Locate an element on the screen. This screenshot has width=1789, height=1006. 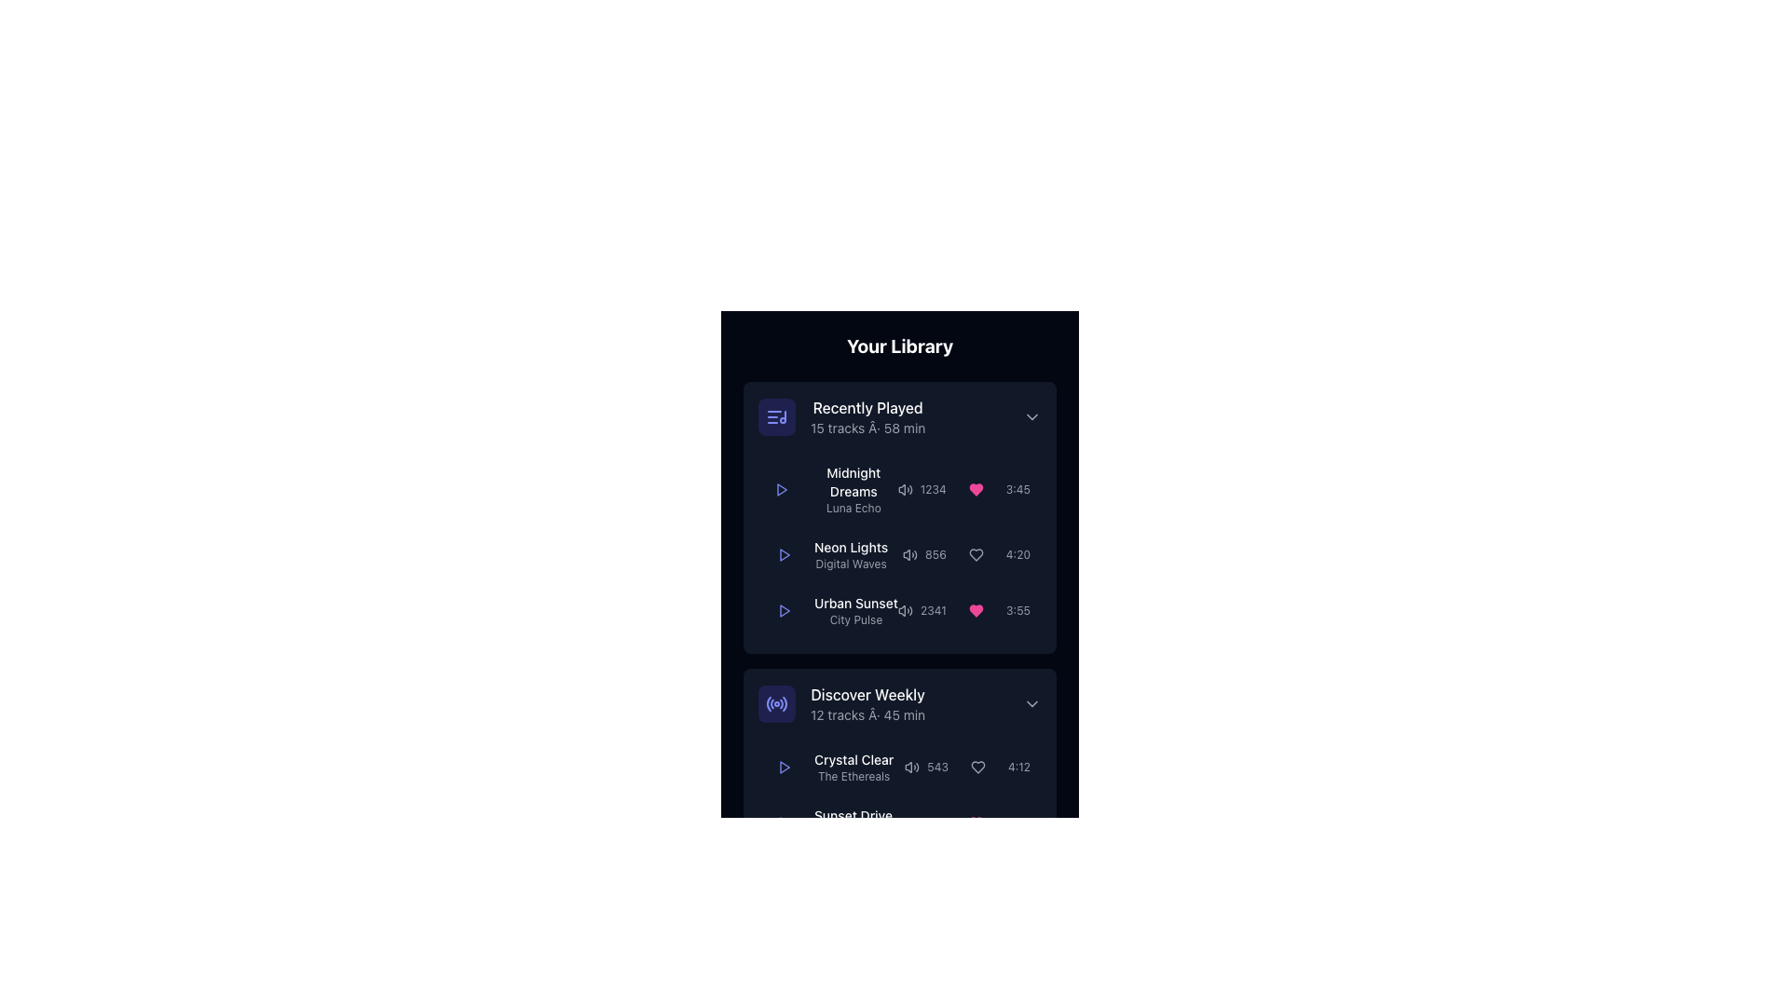
the 'like' button for the song 'Urban Sunset' by City Pulse, located in the 'Recently Played' section, to like or unlike the song is located at coordinates (975, 610).